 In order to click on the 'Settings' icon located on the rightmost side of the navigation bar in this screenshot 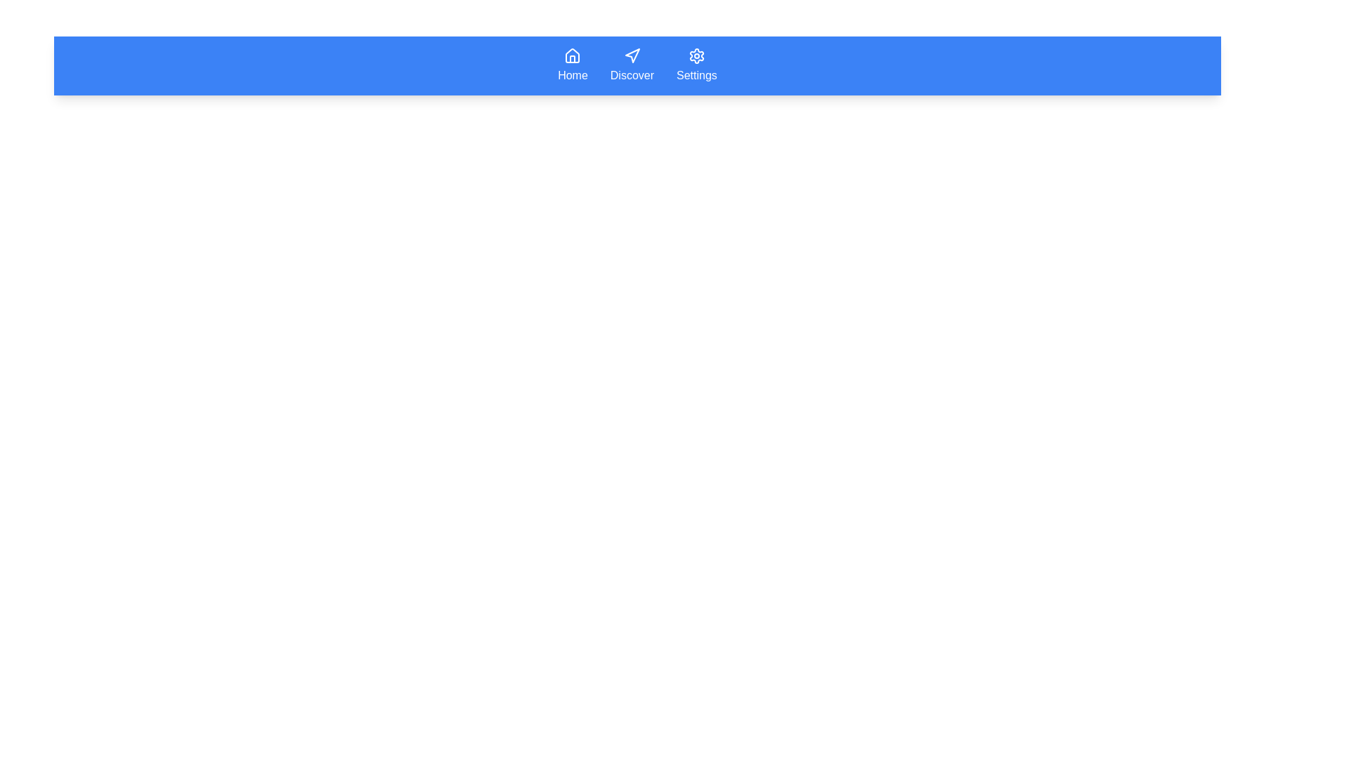, I will do `click(696, 55)`.